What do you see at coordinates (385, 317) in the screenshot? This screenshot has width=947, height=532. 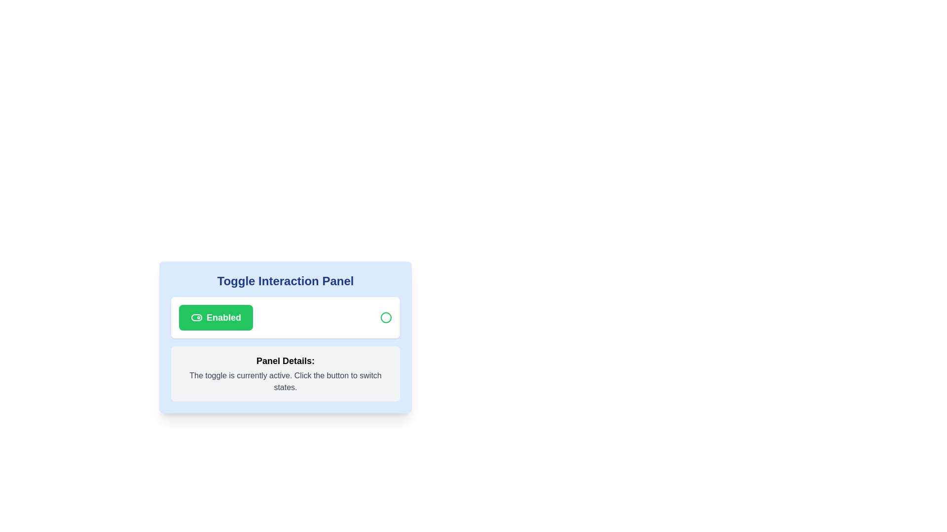 I see `the green circle outline icon with a white interior, located at the right end of the row containing the text 'Enabled' in the 'Toggle Interaction Panel'` at bounding box center [385, 317].